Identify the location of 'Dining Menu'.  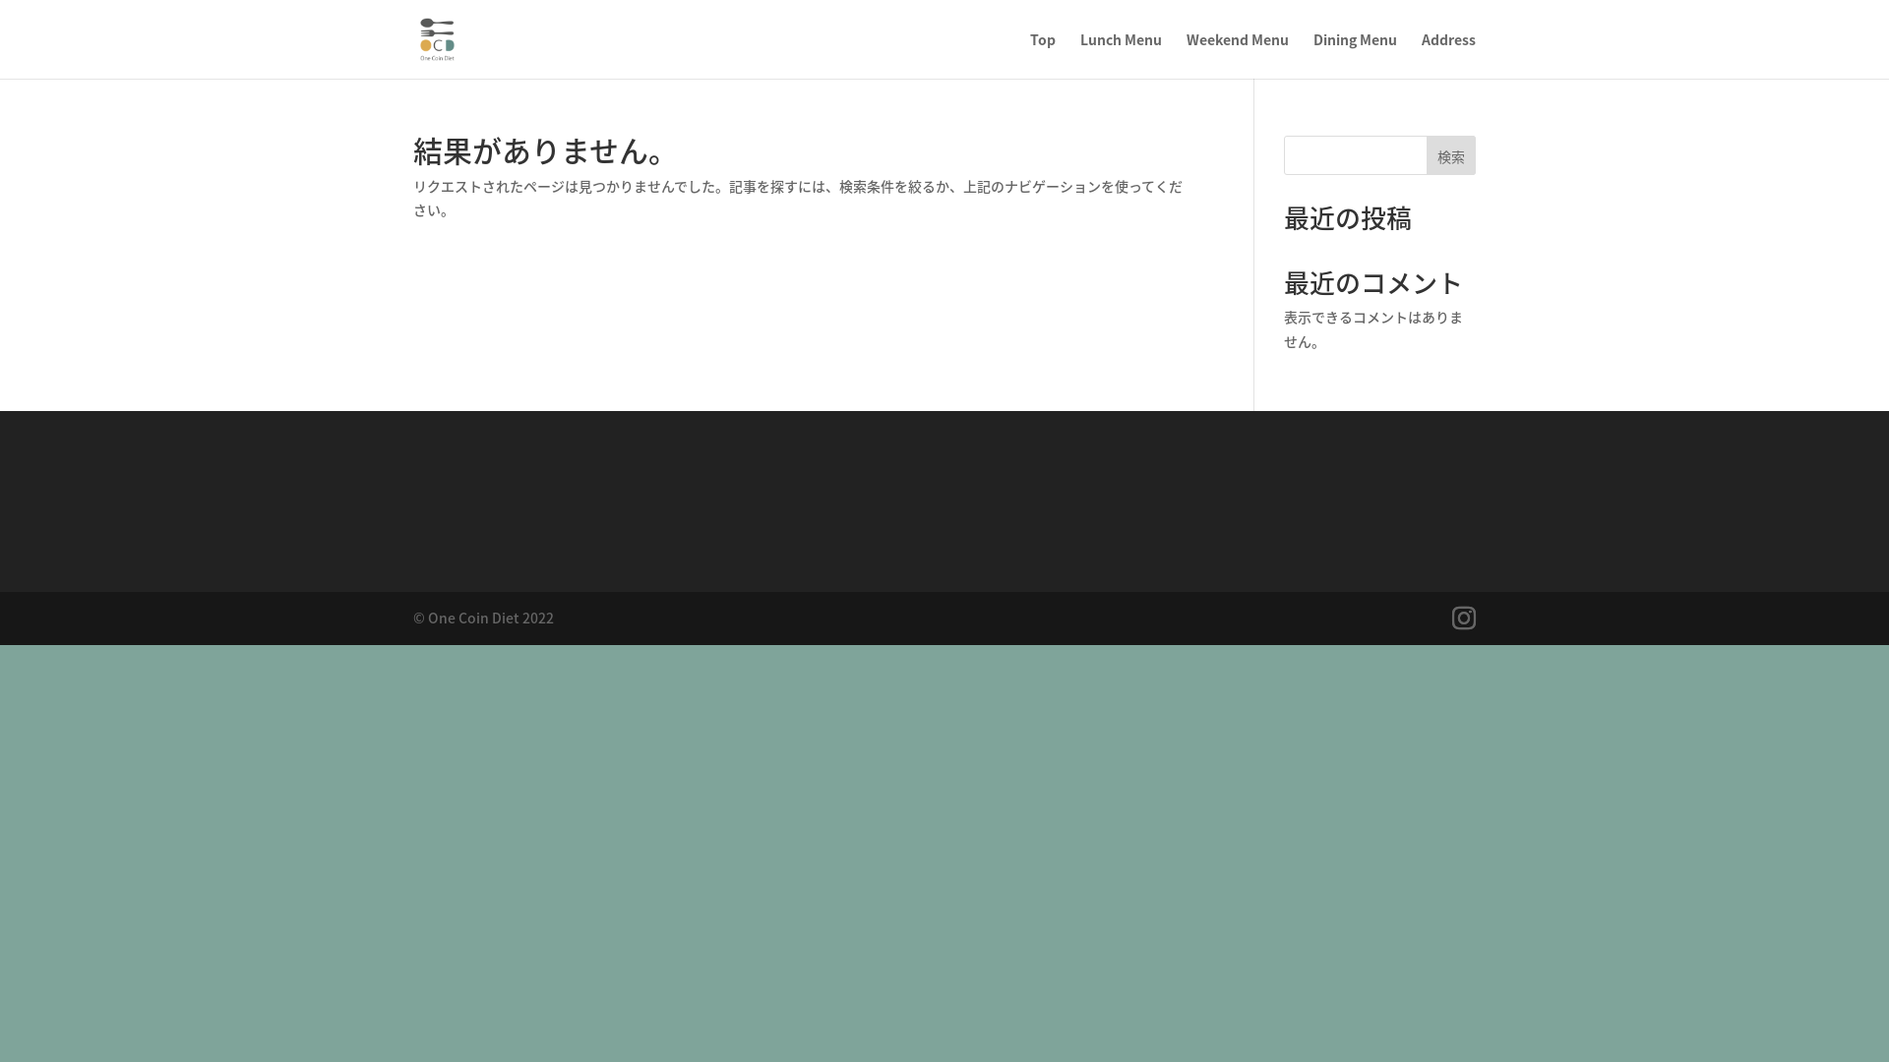
(1354, 54).